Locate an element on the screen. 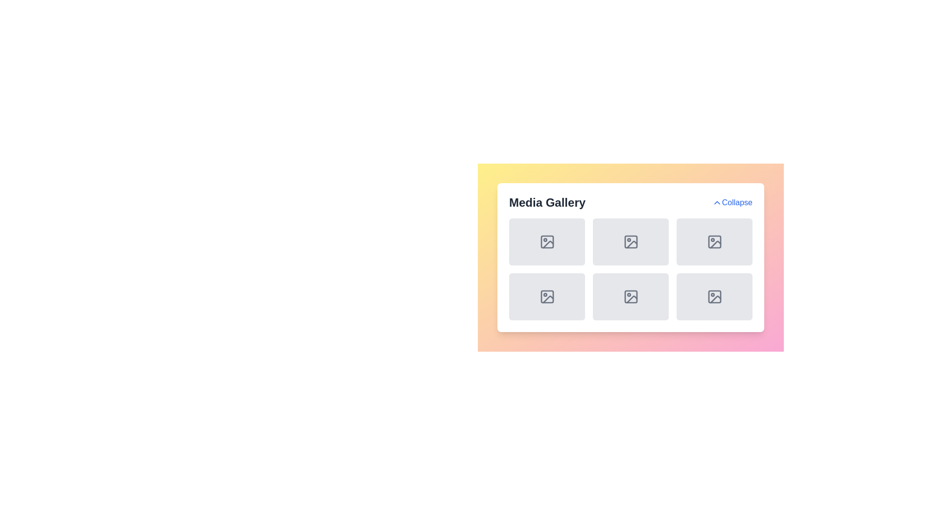  the picture frame icon with a mountain and sun located in the first row and first column of the media gallery grid is located at coordinates (546, 241).